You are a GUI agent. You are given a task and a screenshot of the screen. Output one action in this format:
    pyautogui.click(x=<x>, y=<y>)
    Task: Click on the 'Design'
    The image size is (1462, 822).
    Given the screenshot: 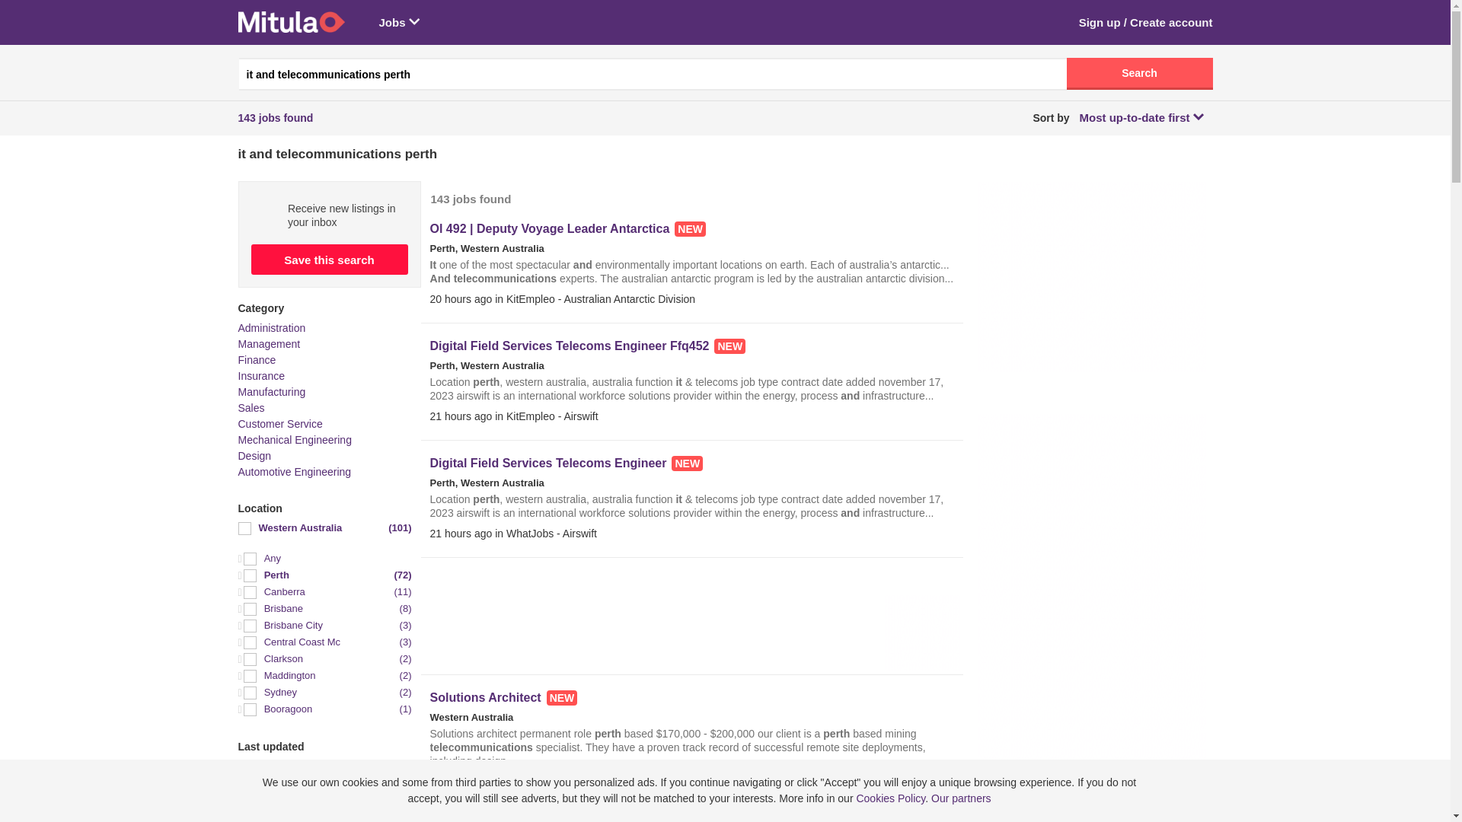 What is the action you would take?
    pyautogui.click(x=237, y=454)
    